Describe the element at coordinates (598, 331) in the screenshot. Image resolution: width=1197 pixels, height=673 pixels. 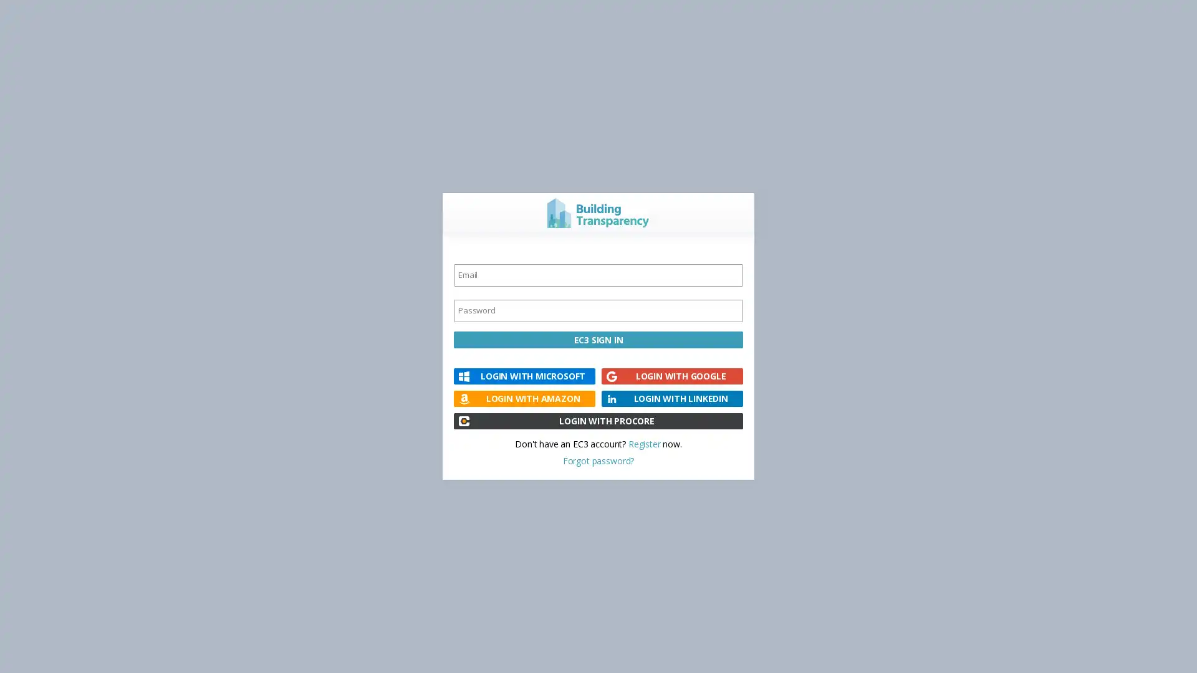
I see `EC3 SIGN IN` at that location.